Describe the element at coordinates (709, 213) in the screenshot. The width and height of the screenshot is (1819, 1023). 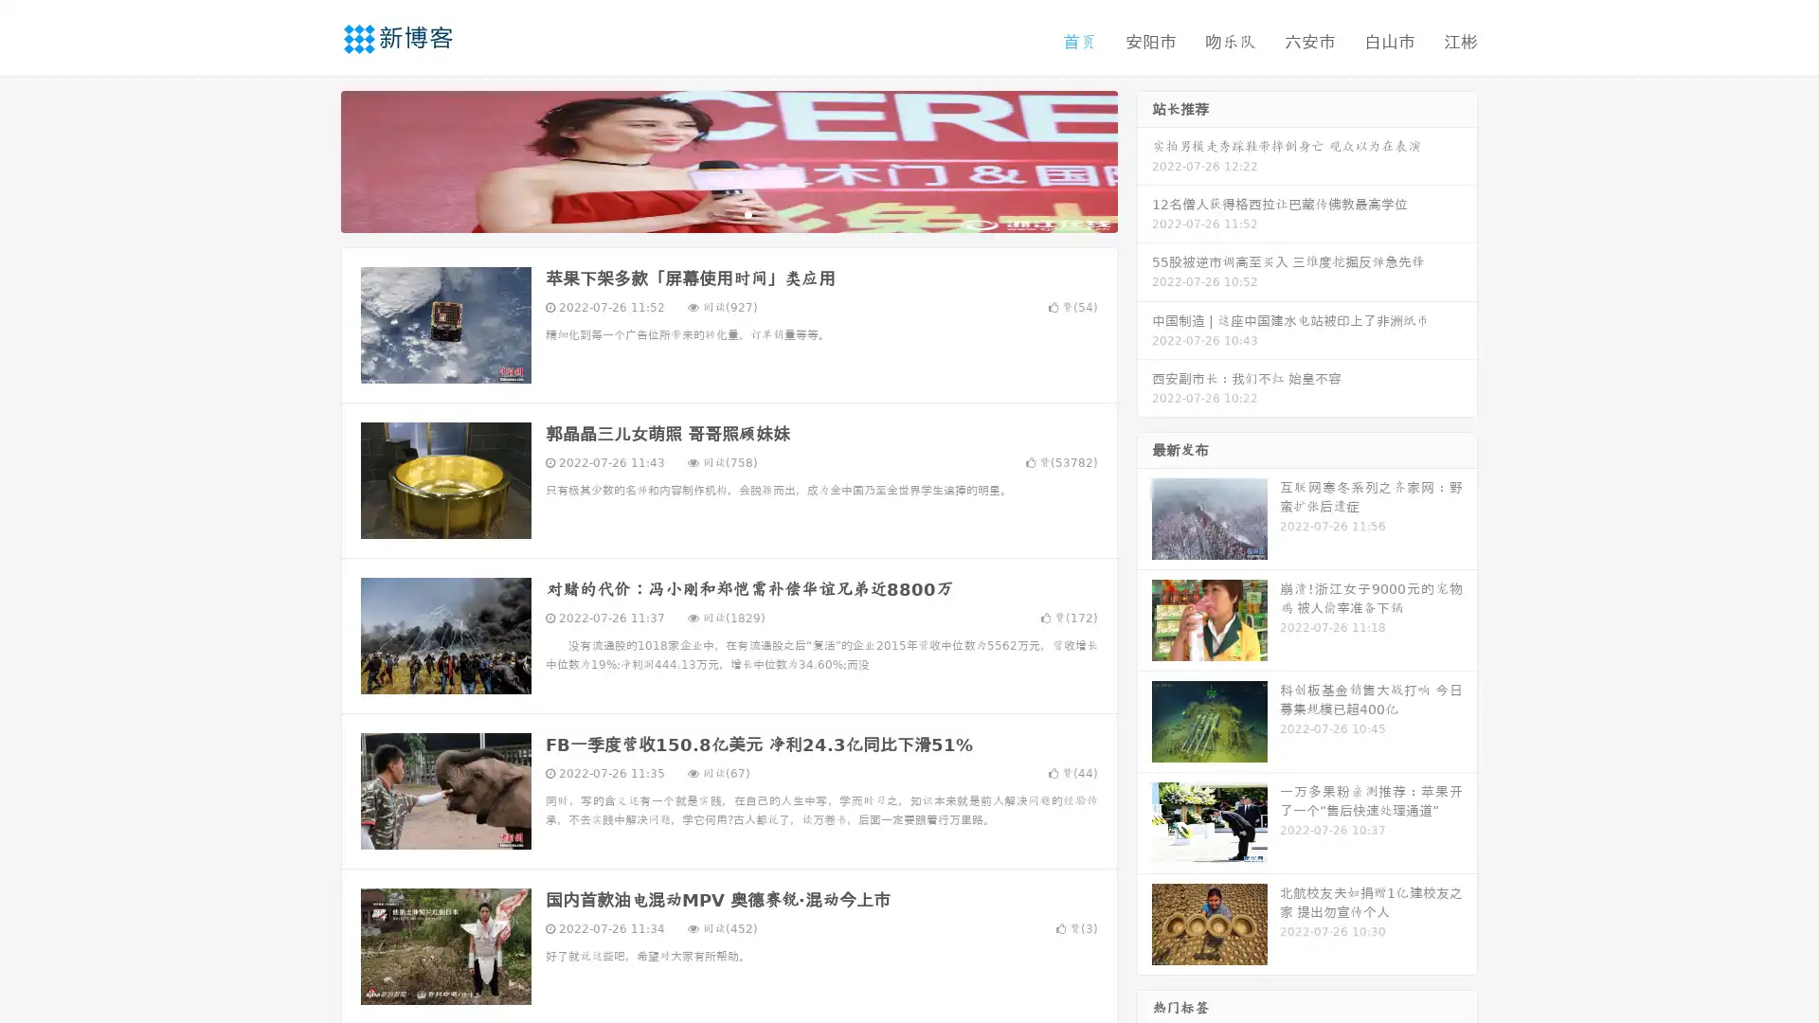
I see `Go to slide 1` at that location.